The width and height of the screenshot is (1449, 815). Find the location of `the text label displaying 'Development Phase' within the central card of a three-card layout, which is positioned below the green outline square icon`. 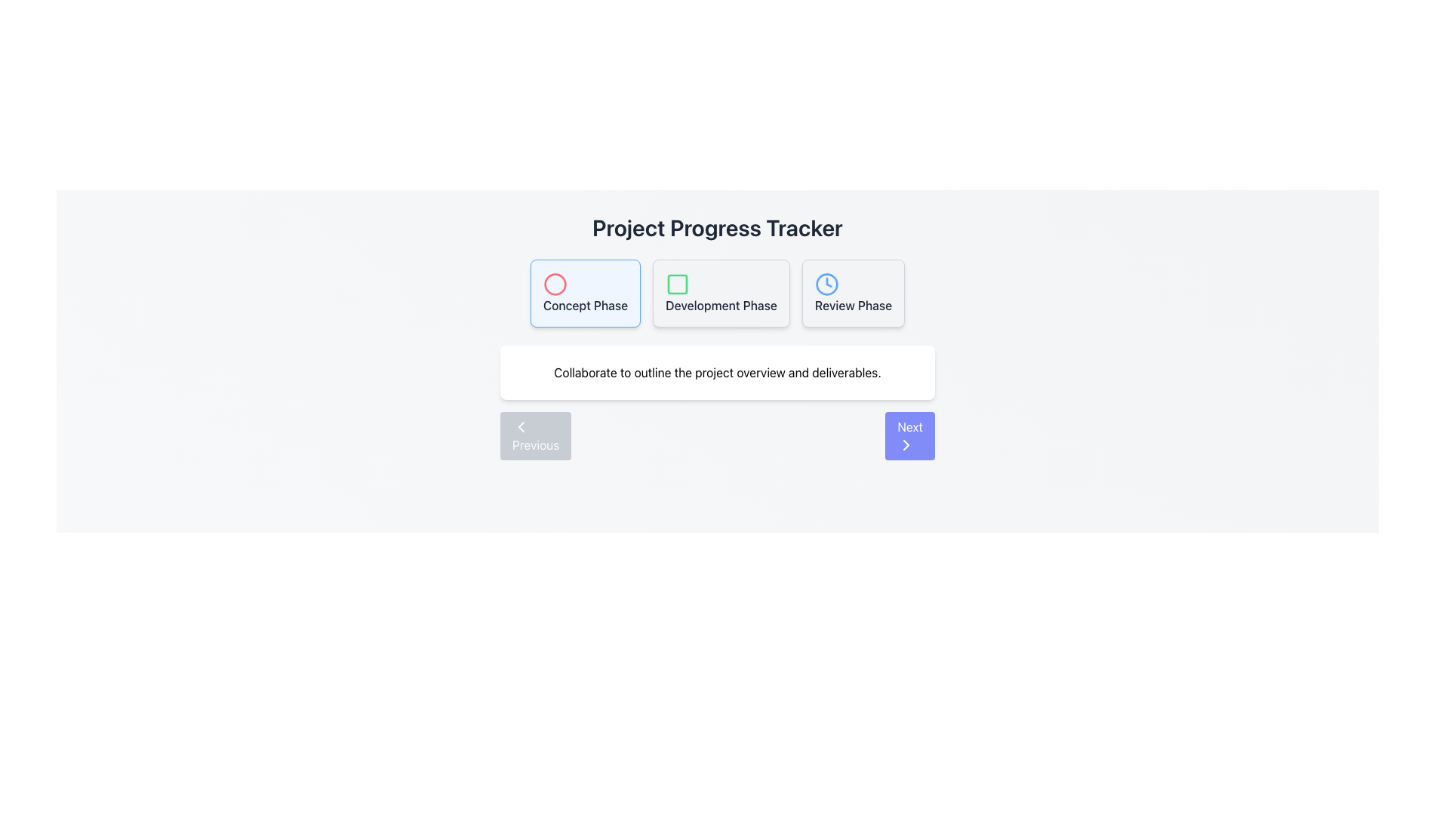

the text label displaying 'Development Phase' within the central card of a three-card layout, which is positioned below the green outline square icon is located at coordinates (721, 306).